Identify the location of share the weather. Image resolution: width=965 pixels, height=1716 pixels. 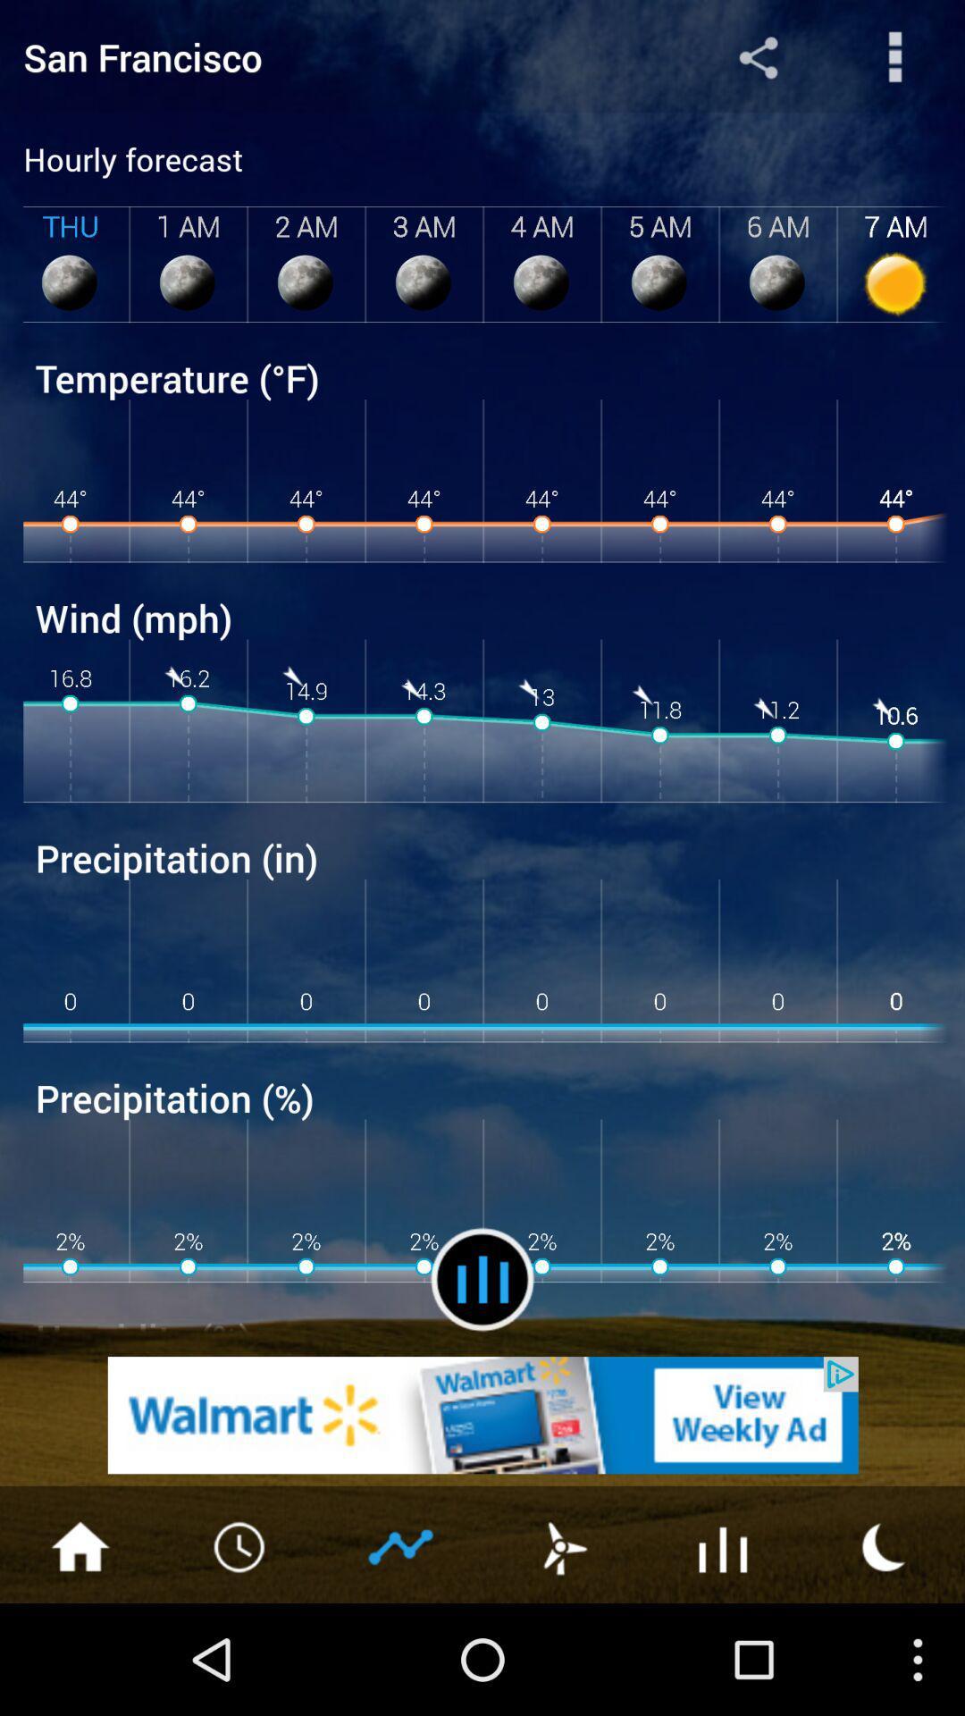
(758, 56).